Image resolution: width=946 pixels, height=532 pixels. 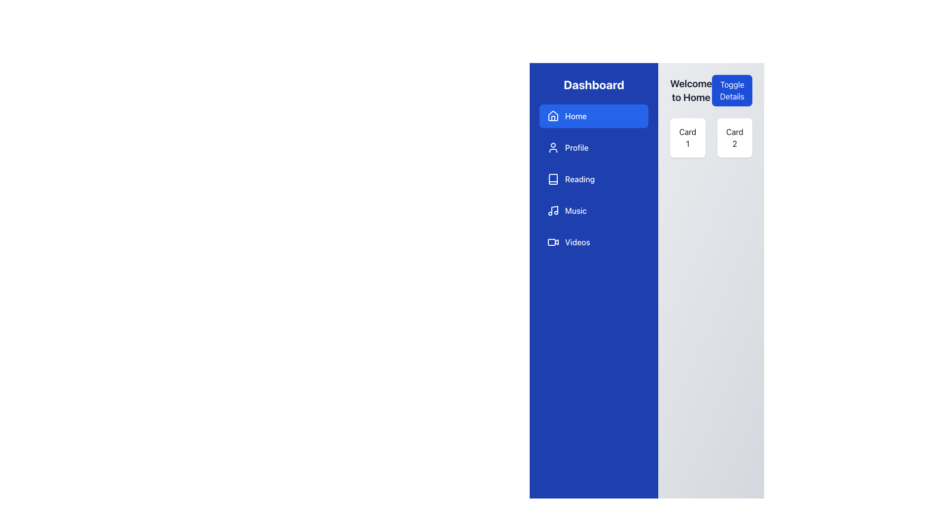 What do you see at coordinates (553, 210) in the screenshot?
I see `the musical note icon located to the left of the 'Music' label in the vertical navigation menu` at bounding box center [553, 210].